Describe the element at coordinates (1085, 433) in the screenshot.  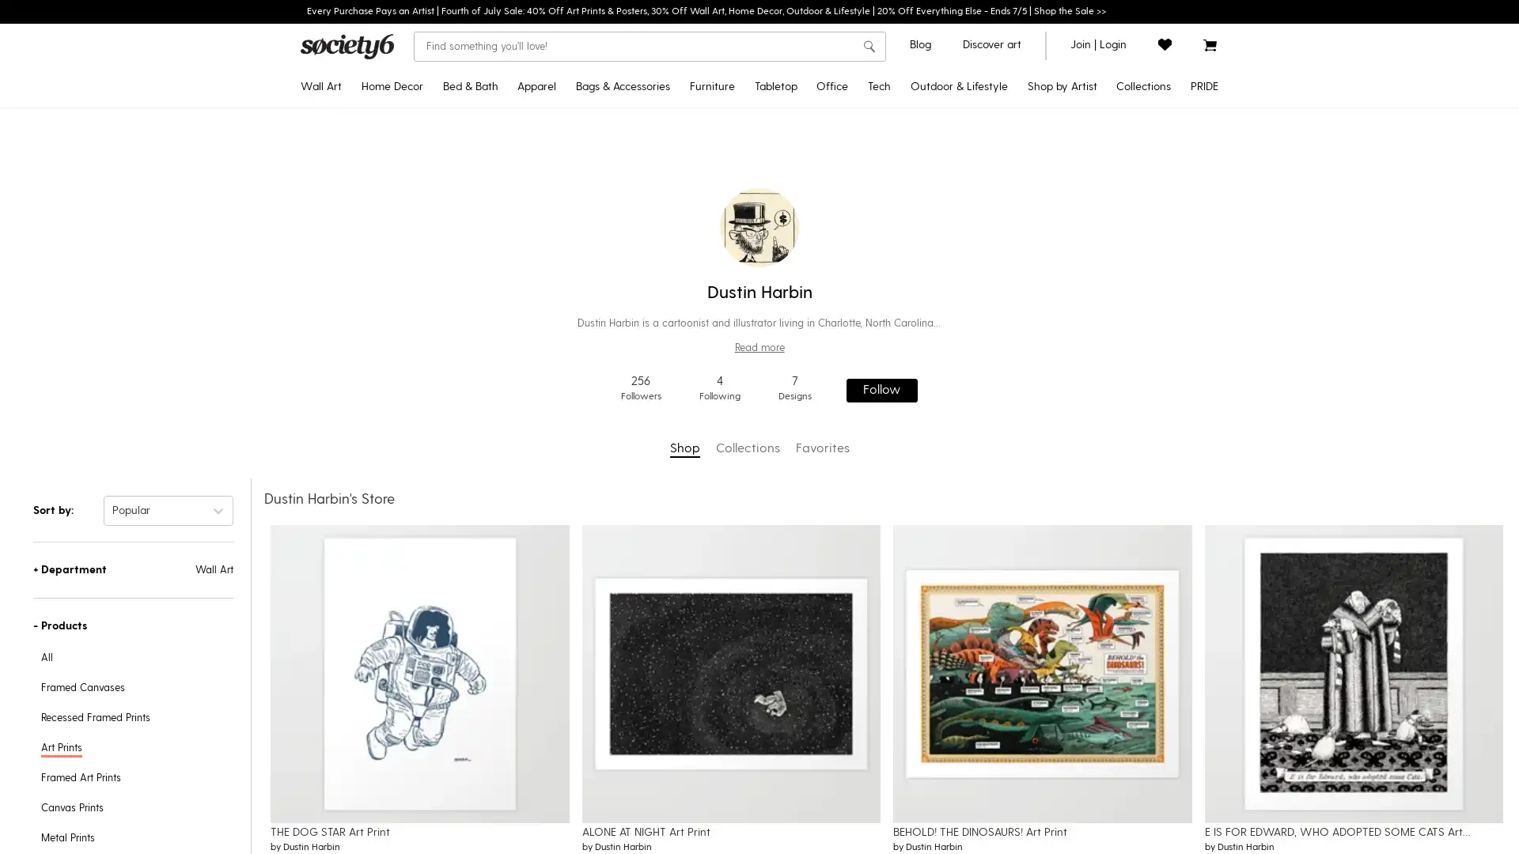
I see `Introducing: Tabletop Textiles` at that location.